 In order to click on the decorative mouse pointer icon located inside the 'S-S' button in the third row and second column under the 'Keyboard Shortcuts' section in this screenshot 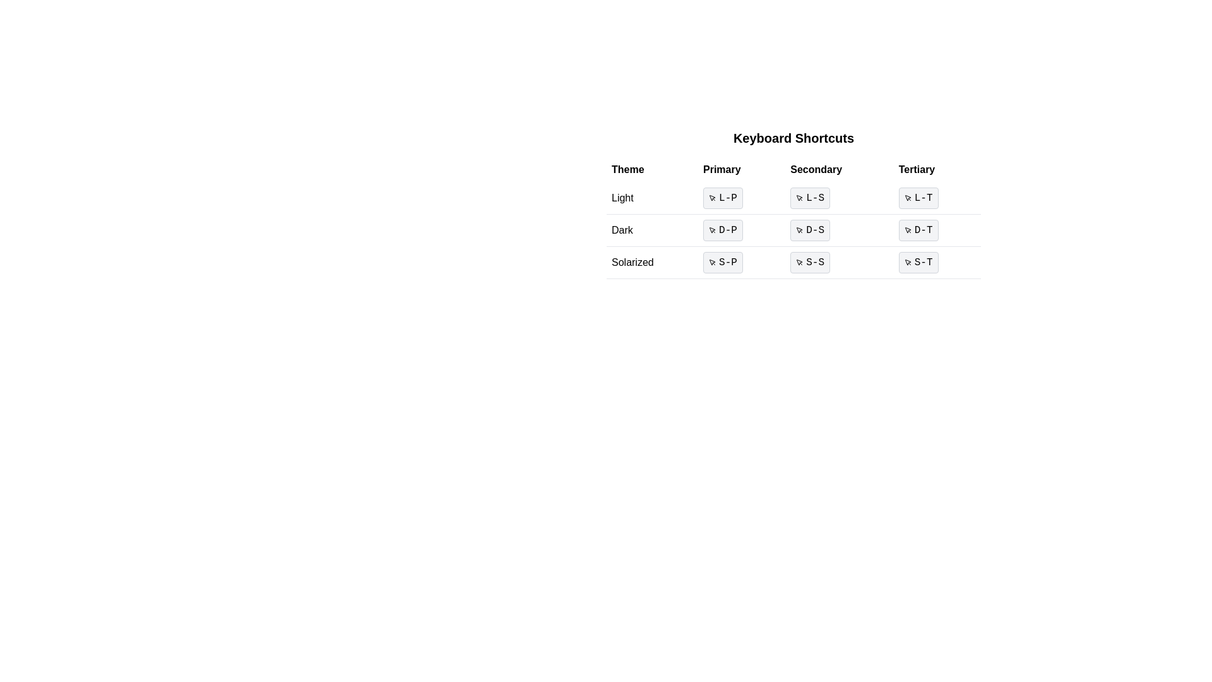, I will do `click(799, 262)`.